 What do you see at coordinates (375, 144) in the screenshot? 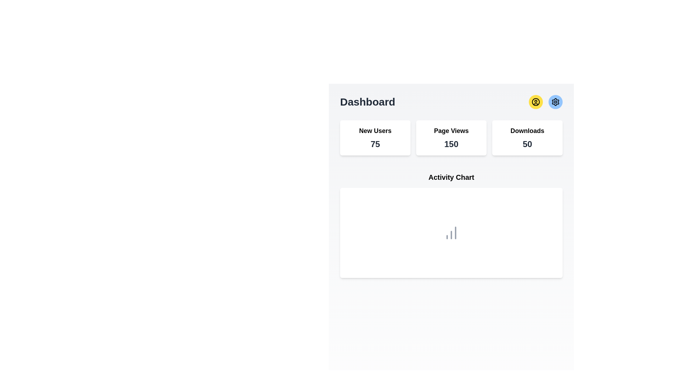
I see `the text label displaying the count of new users, which is located below the 'New Users' text in the top-left corner of the main content area` at bounding box center [375, 144].